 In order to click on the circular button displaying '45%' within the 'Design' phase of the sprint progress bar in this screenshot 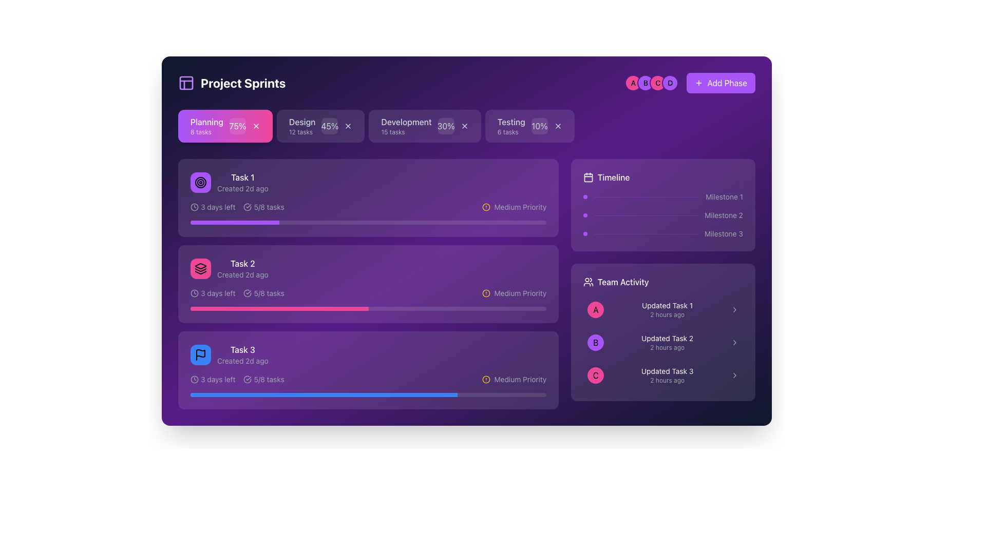, I will do `click(330, 126)`.